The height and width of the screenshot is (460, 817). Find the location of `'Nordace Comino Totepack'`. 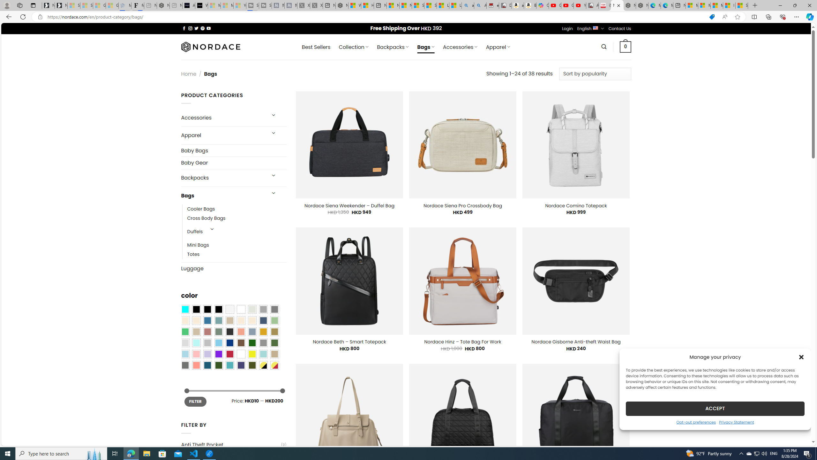

'Nordace Comino Totepack' is located at coordinates (575, 205).